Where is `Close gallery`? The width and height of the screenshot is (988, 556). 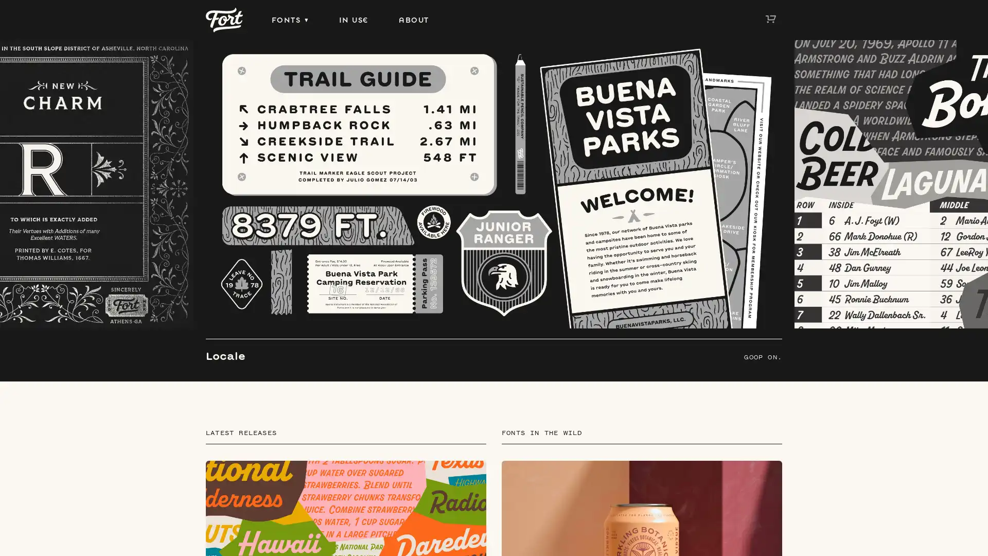 Close gallery is located at coordinates (968, 18).